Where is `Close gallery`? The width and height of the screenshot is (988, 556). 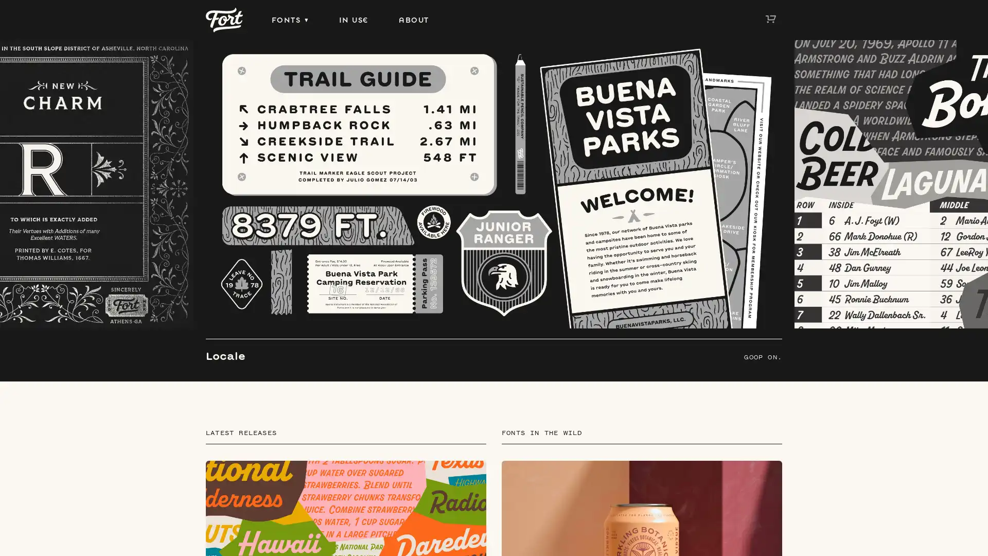 Close gallery is located at coordinates (968, 18).